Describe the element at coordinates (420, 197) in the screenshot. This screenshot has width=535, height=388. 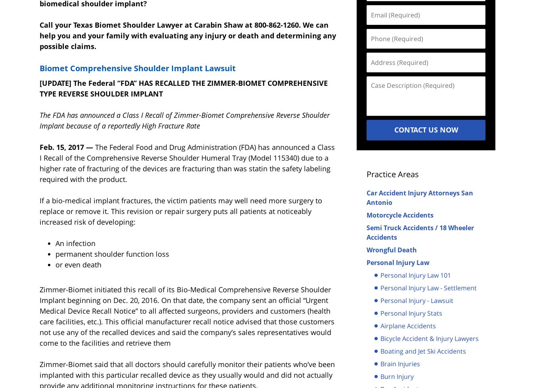
I see `'Car Accident Injury Attorneys San Antonio'` at that location.